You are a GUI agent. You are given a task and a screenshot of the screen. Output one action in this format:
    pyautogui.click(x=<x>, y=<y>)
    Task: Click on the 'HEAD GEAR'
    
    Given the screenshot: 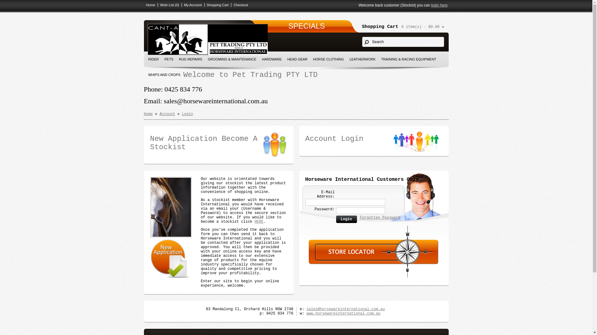 What is the action you would take?
    pyautogui.click(x=297, y=59)
    